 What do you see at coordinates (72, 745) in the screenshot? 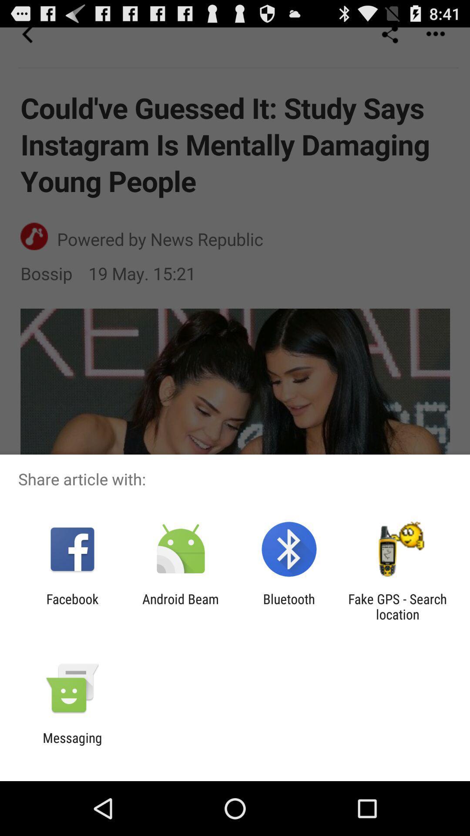
I see `the messaging item` at bounding box center [72, 745].